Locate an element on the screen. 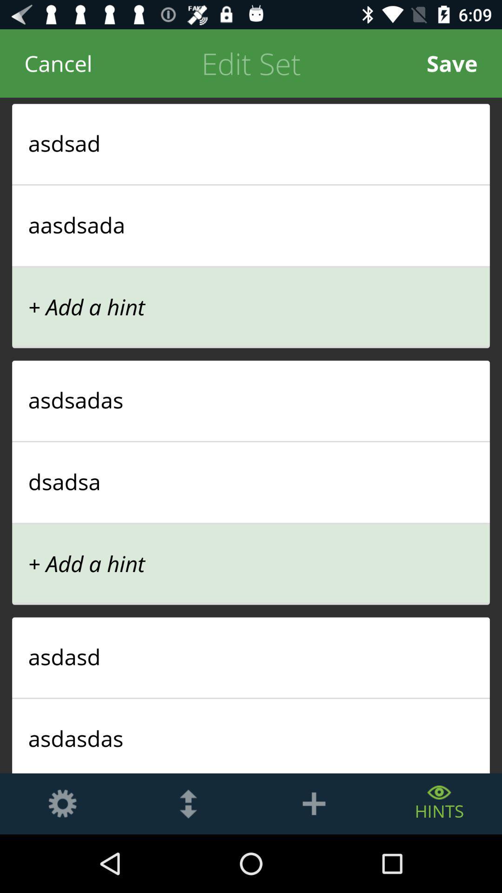 This screenshot has width=502, height=893. scroll up and down is located at coordinates (188, 803).